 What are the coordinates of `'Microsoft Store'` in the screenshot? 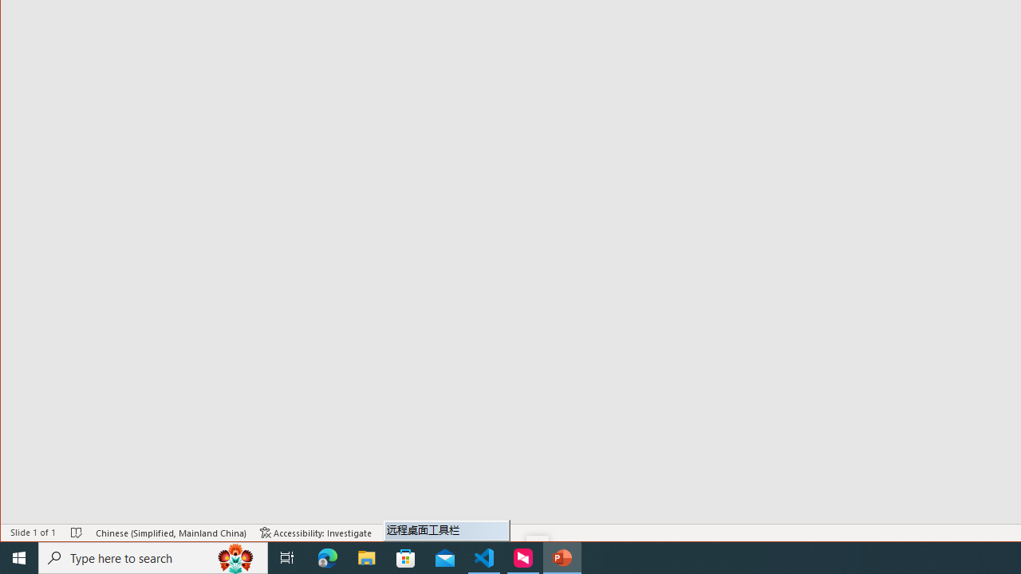 It's located at (406, 556).